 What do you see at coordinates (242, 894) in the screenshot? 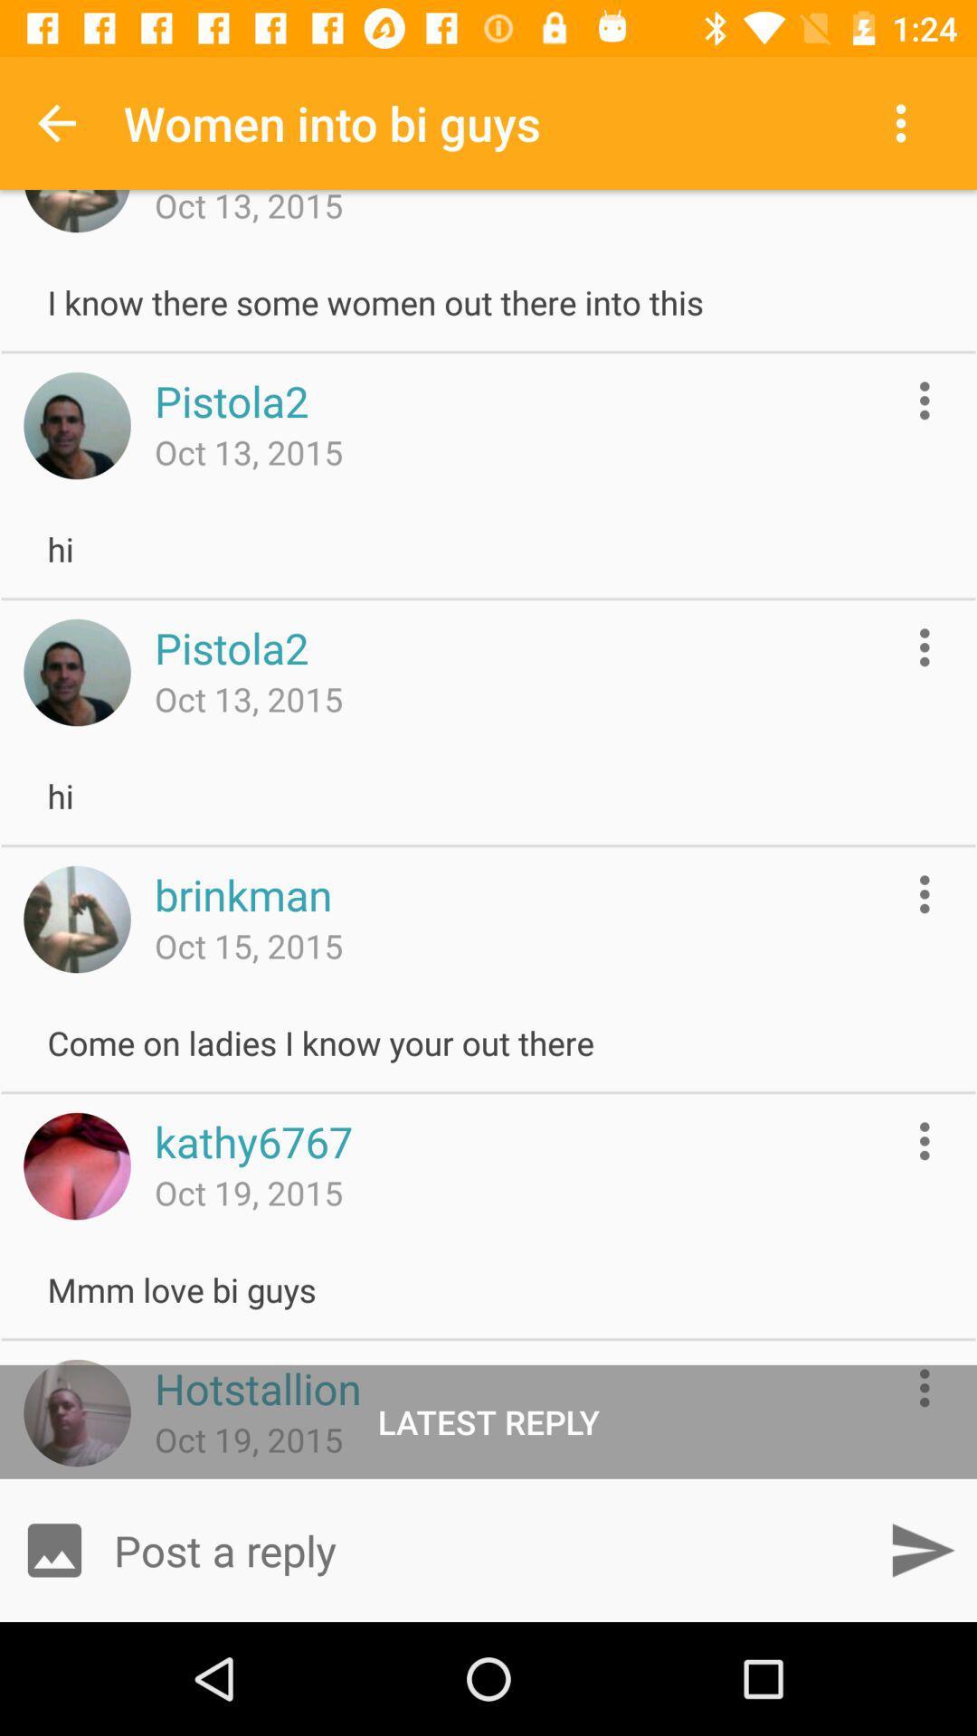
I see `the brinkman item` at bounding box center [242, 894].